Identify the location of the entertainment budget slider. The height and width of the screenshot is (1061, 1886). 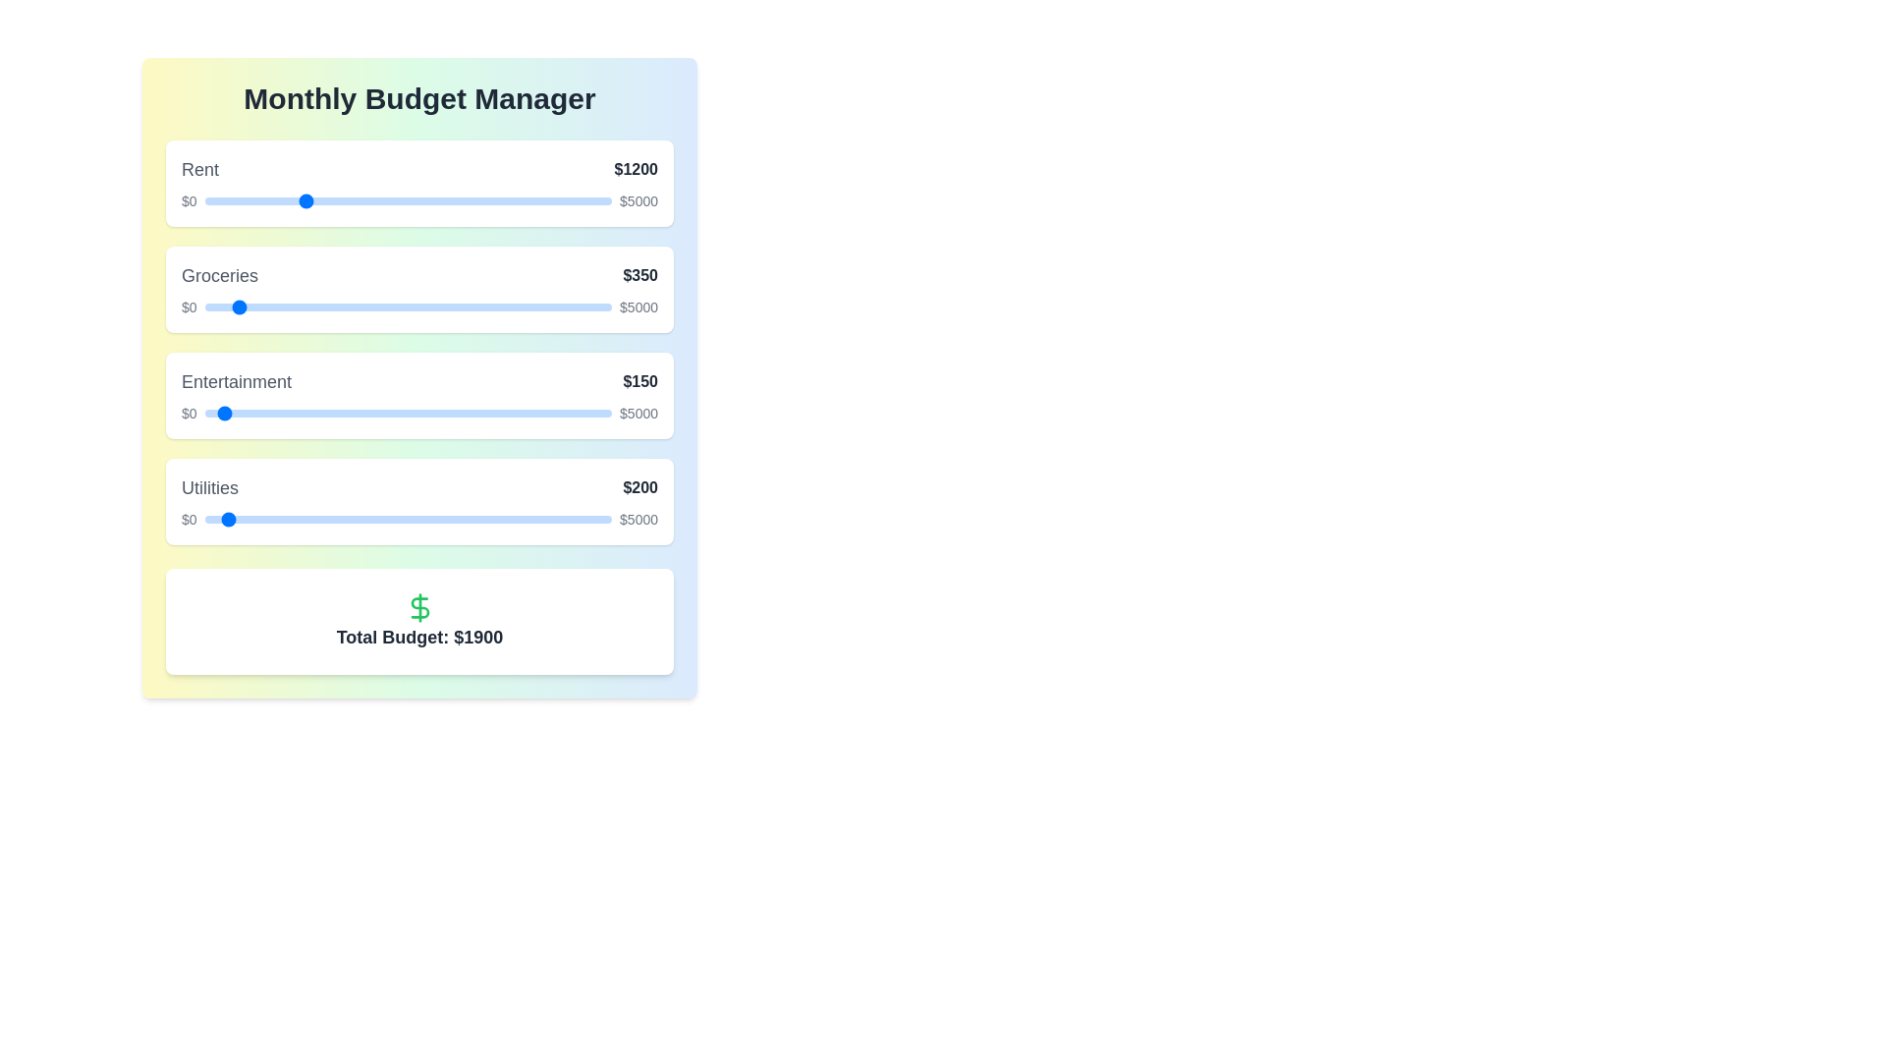
(327, 412).